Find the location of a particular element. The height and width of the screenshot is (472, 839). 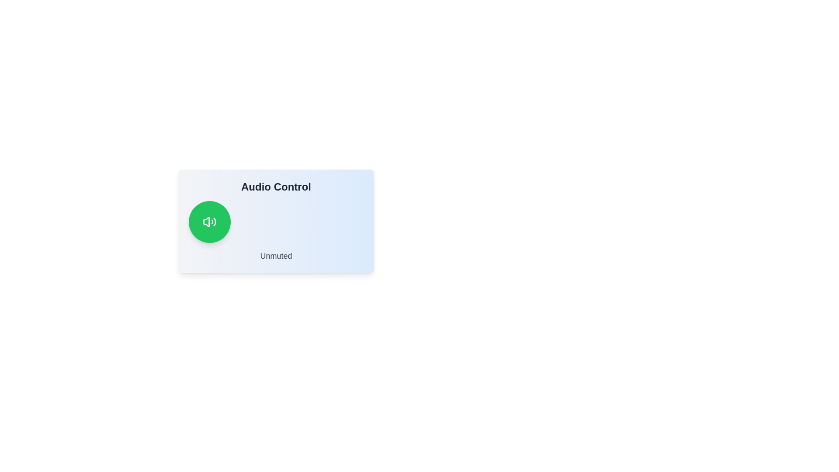

the green button to observe the hover effect is located at coordinates (210, 222).